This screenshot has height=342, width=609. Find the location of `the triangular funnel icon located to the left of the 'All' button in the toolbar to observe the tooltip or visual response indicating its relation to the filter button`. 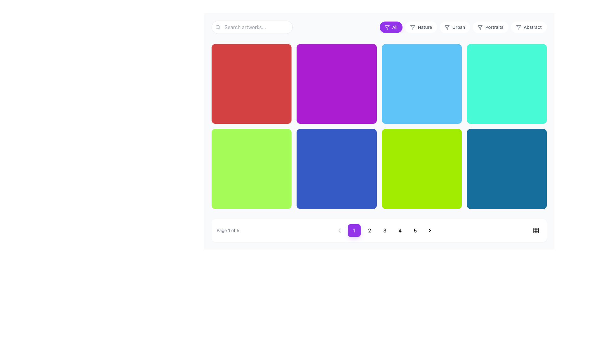

the triangular funnel icon located to the left of the 'All' button in the toolbar to observe the tooltip or visual response indicating its relation to the filter button is located at coordinates (447, 27).